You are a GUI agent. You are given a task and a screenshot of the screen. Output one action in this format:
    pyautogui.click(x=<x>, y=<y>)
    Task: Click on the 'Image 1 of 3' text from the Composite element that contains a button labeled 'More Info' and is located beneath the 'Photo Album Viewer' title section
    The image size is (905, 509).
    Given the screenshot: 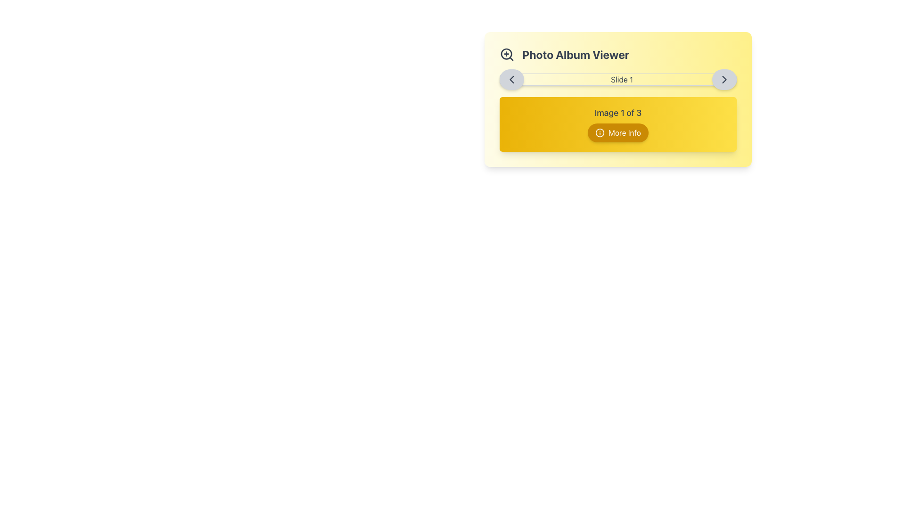 What is the action you would take?
    pyautogui.click(x=618, y=123)
    